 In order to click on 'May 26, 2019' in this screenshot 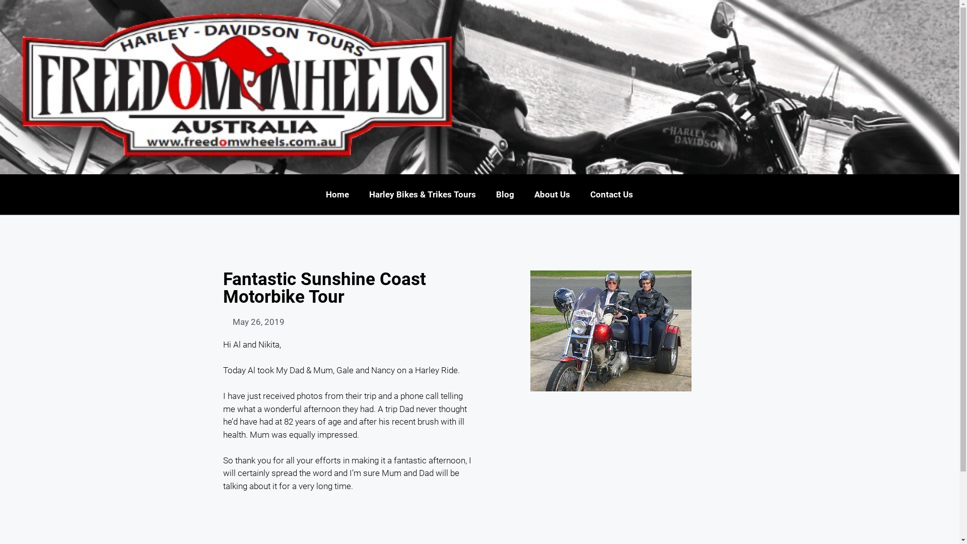, I will do `click(253, 322)`.